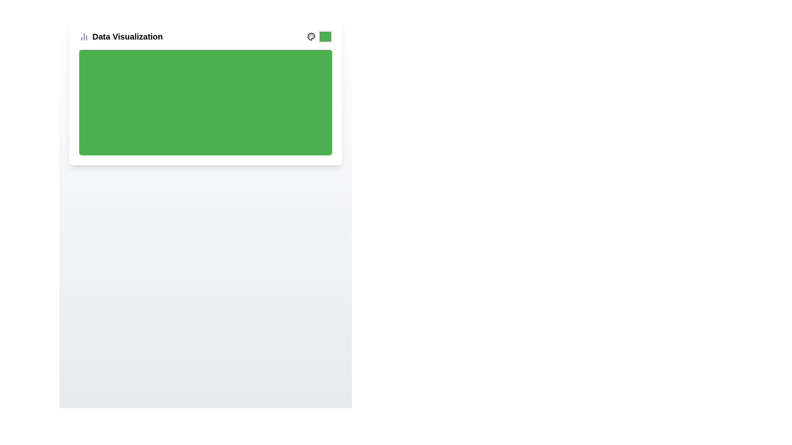 This screenshot has height=445, width=792. What do you see at coordinates (311, 36) in the screenshot?
I see `the static icon illustrating a palette symbolizing color-related settings, located to the left of the color picker box at the top-right corner of a card-like section` at bounding box center [311, 36].